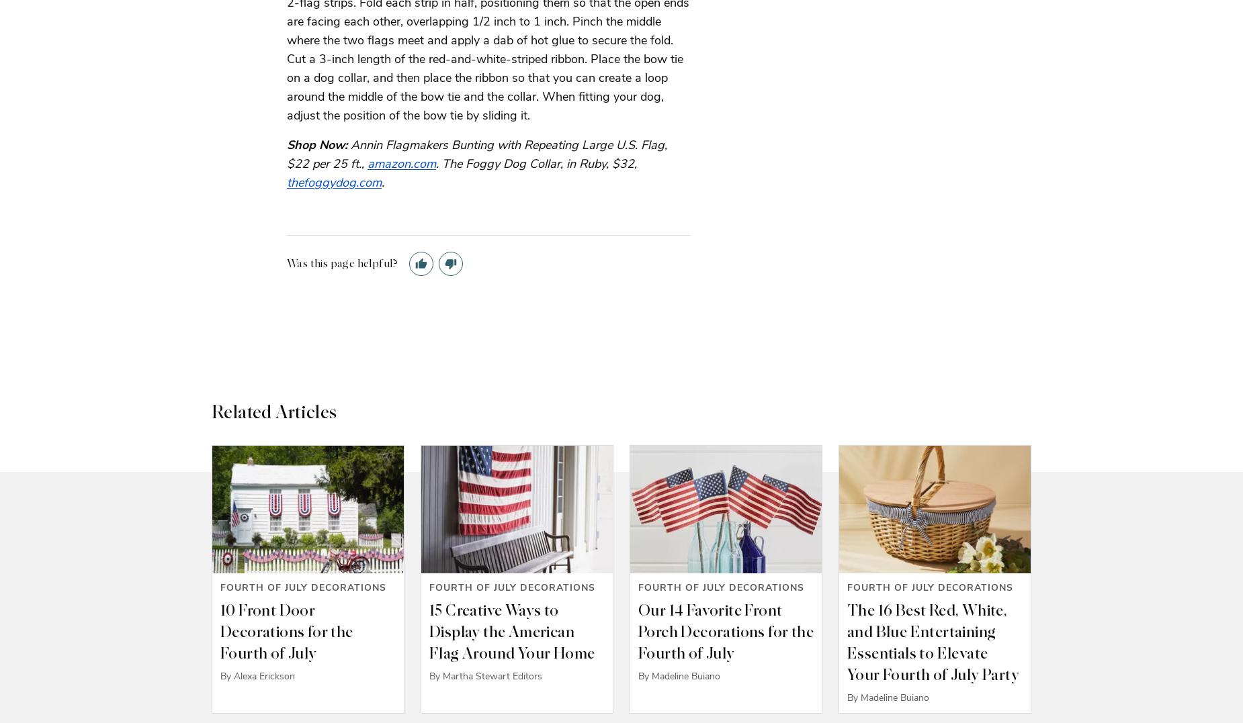 Image resolution: width=1243 pixels, height=723 pixels. What do you see at coordinates (382, 181) in the screenshot?
I see `'.'` at bounding box center [382, 181].